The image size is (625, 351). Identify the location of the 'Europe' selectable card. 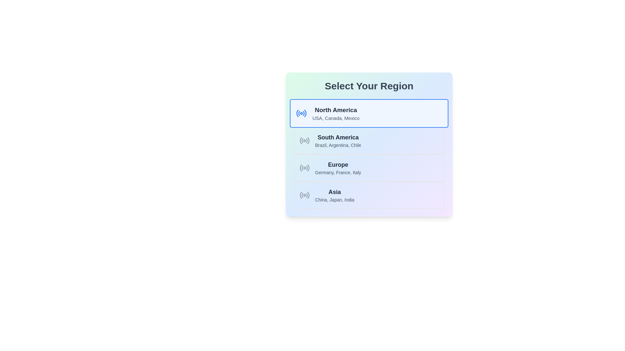
(369, 167).